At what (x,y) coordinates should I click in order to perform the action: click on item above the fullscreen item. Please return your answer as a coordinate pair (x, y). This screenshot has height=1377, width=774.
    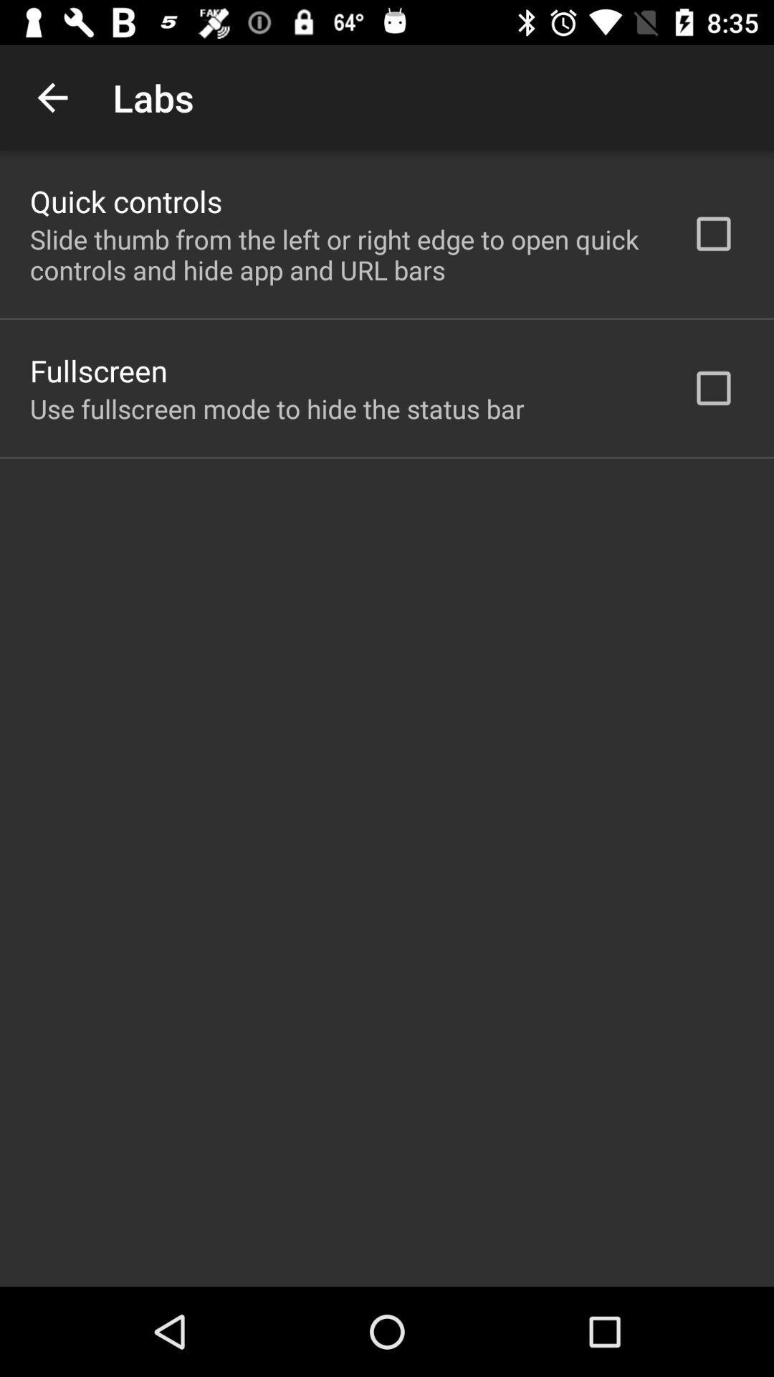
    Looking at the image, I should click on (342, 255).